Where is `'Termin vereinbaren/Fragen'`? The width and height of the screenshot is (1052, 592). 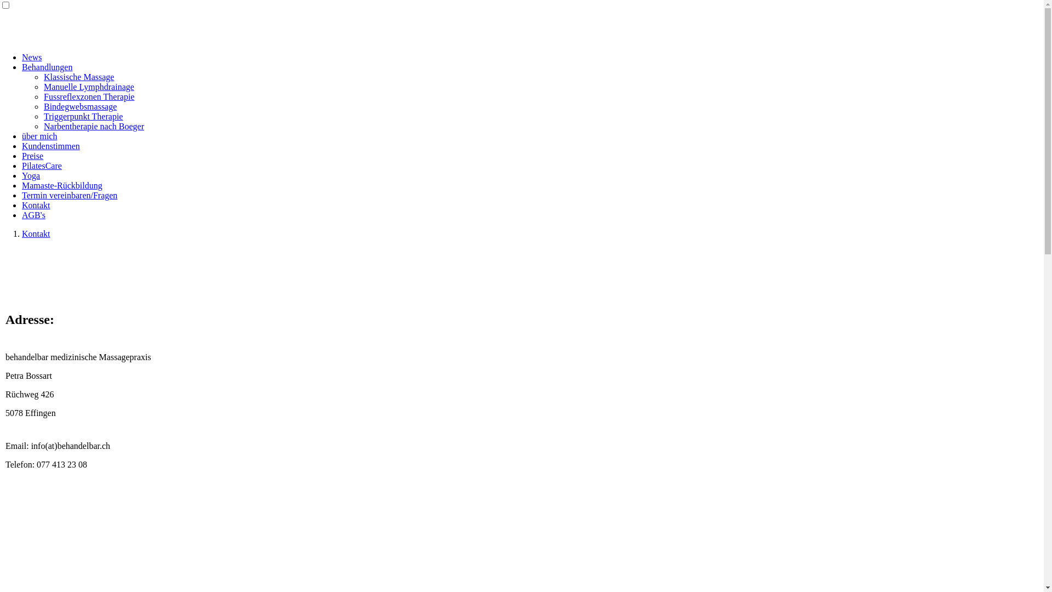 'Termin vereinbaren/Fragen' is located at coordinates (68, 195).